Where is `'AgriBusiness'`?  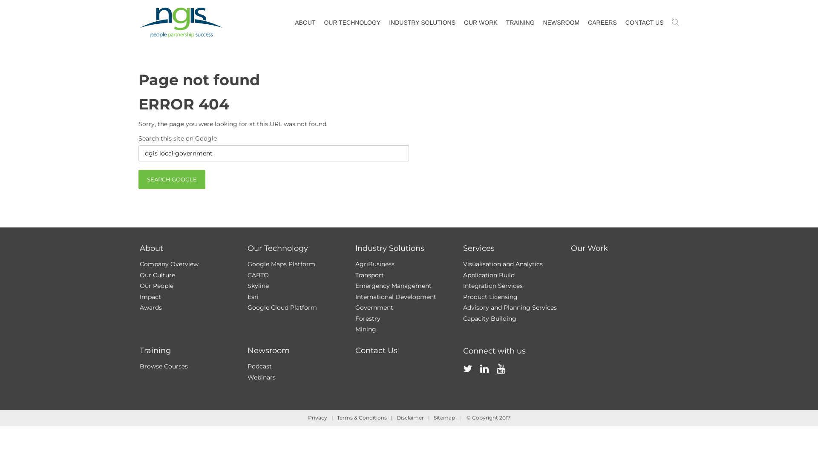
'AgriBusiness' is located at coordinates (355, 264).